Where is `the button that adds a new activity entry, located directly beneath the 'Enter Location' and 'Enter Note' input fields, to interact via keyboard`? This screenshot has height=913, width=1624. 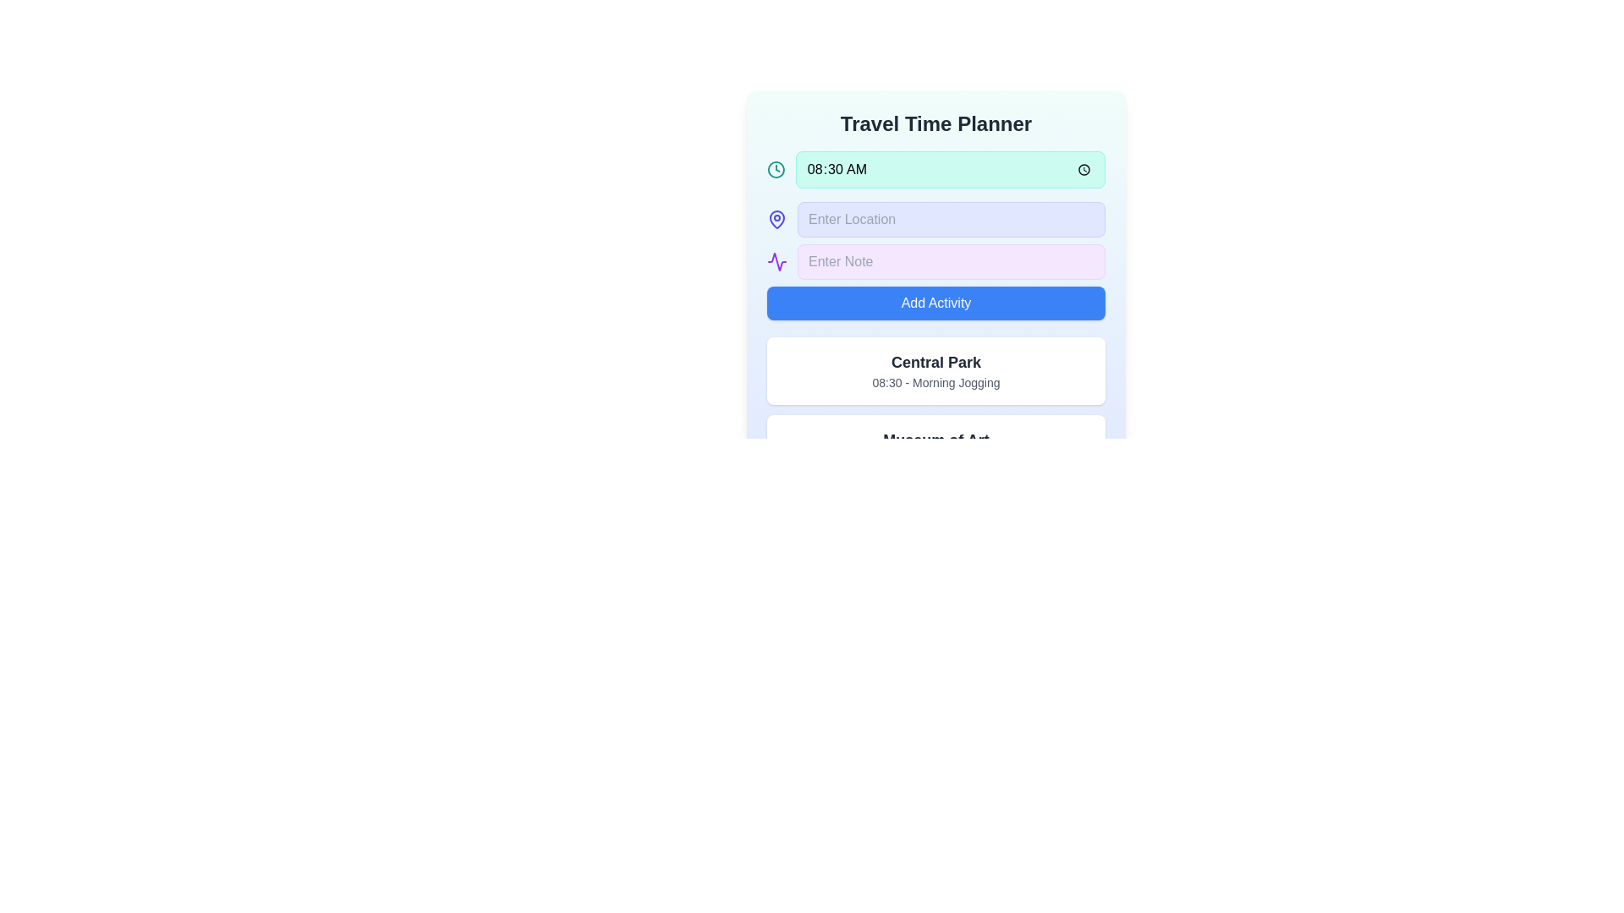
the button that adds a new activity entry, located directly beneath the 'Enter Location' and 'Enter Note' input fields, to interact via keyboard is located at coordinates (935, 302).